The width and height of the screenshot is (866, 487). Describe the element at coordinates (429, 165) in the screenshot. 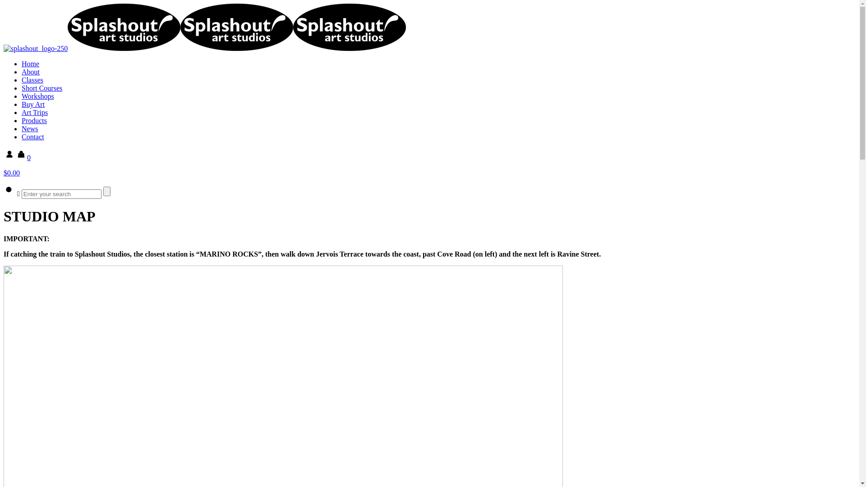

I see `'0` at that location.